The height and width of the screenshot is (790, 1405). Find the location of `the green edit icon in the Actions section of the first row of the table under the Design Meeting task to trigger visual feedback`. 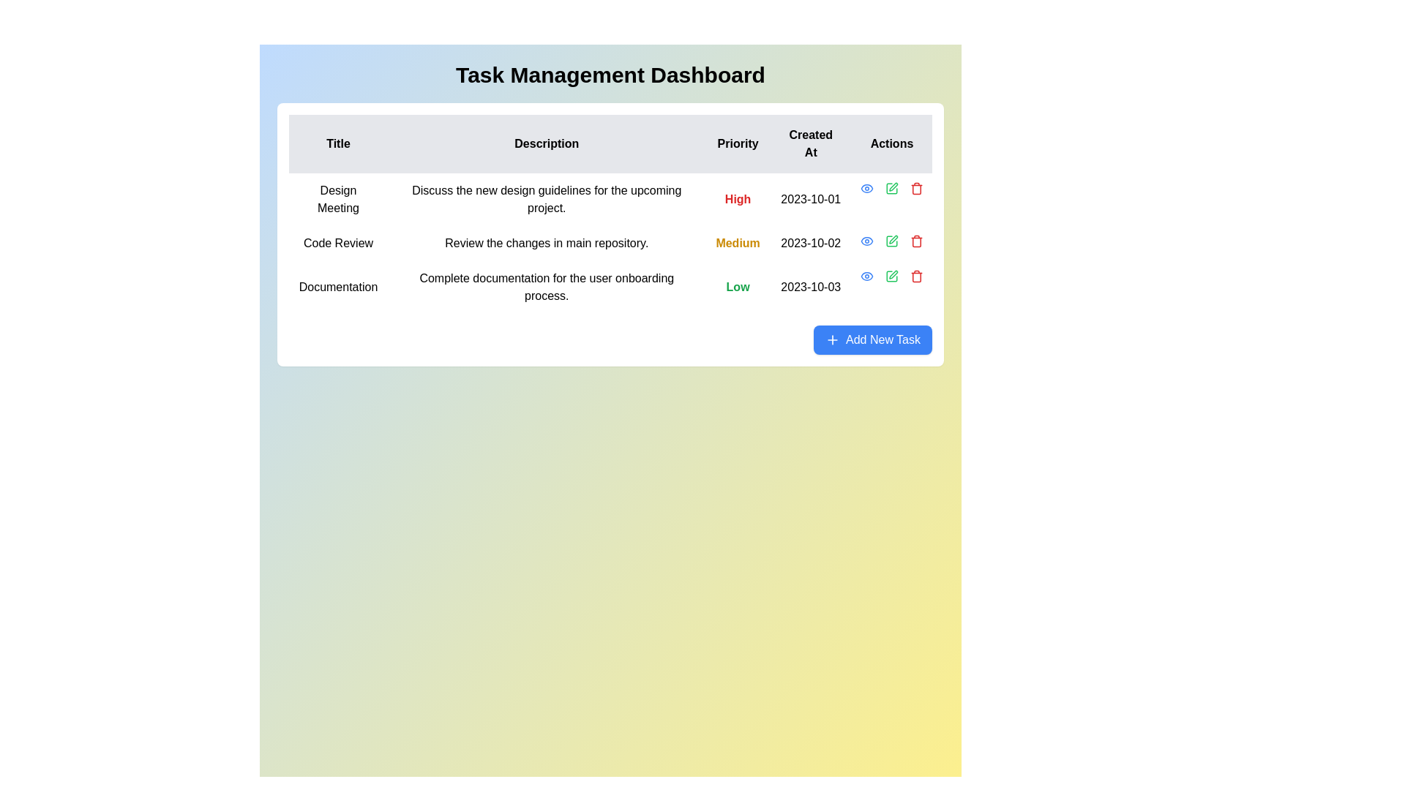

the green edit icon in the Actions section of the first row of the table under the Design Meeting task to trigger visual feedback is located at coordinates (891, 188).